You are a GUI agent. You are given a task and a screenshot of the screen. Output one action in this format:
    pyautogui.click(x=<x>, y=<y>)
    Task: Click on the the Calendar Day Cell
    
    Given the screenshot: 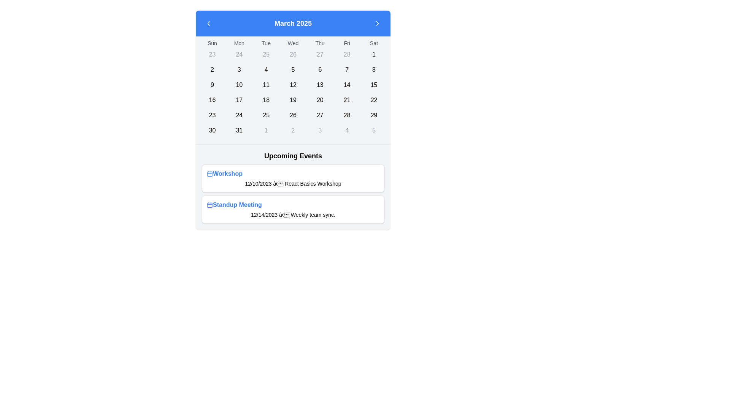 What is the action you would take?
    pyautogui.click(x=346, y=130)
    